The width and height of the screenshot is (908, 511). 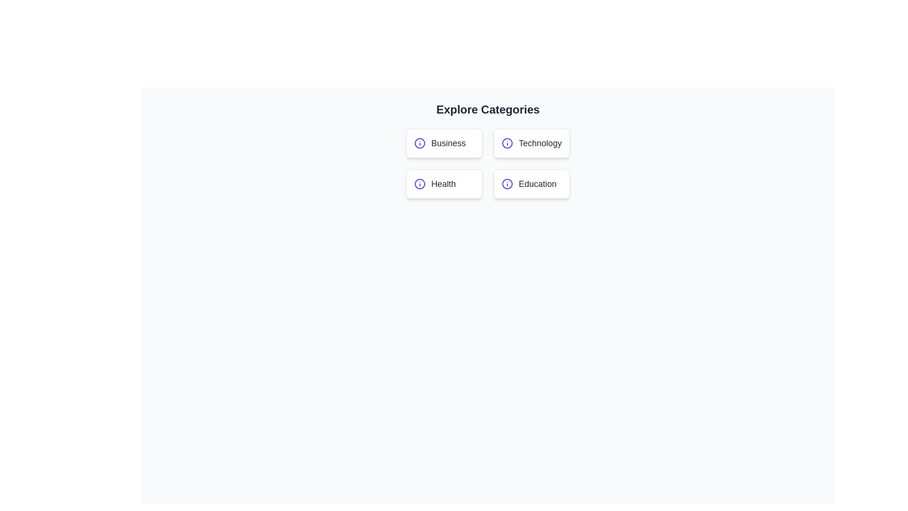 I want to click on the 'Health' category option, so click(x=444, y=184).